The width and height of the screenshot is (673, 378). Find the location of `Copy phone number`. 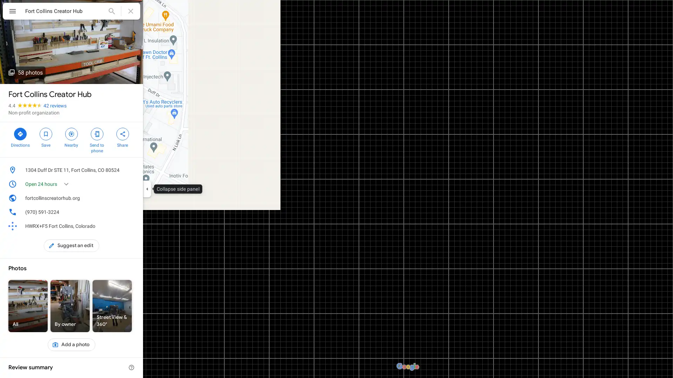

Copy phone number is located at coordinates (121, 211).